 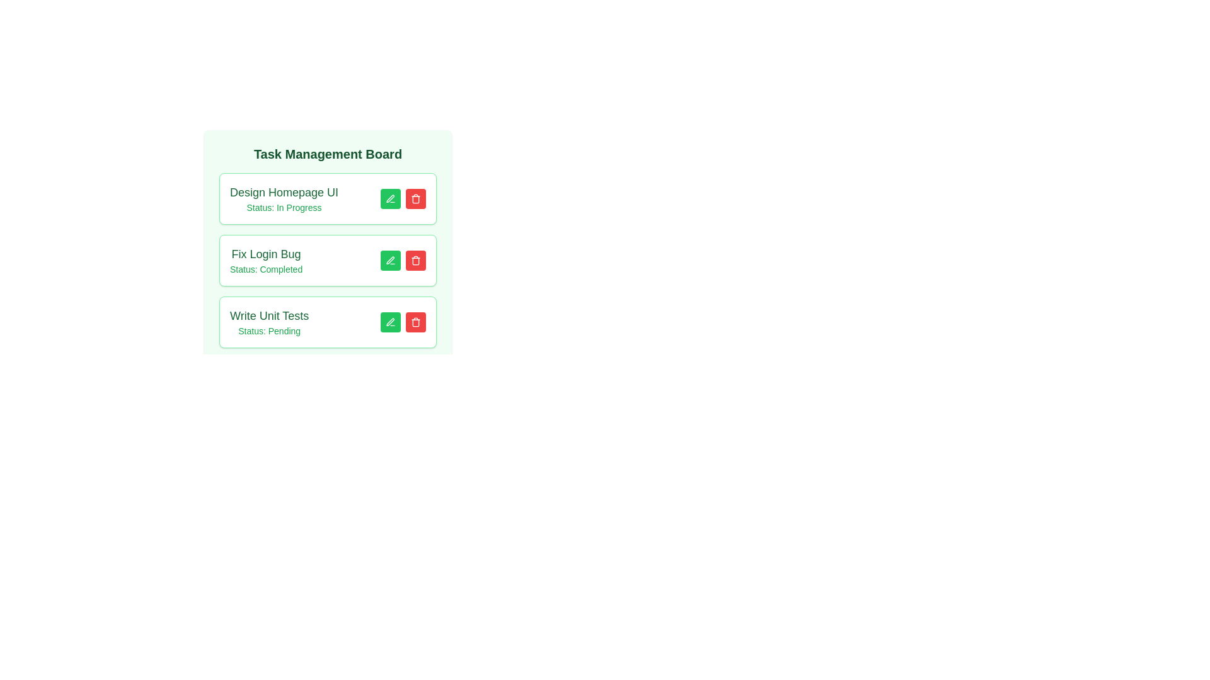 What do you see at coordinates (416, 198) in the screenshot?
I see `the task with the title Design Homepage UI` at bounding box center [416, 198].